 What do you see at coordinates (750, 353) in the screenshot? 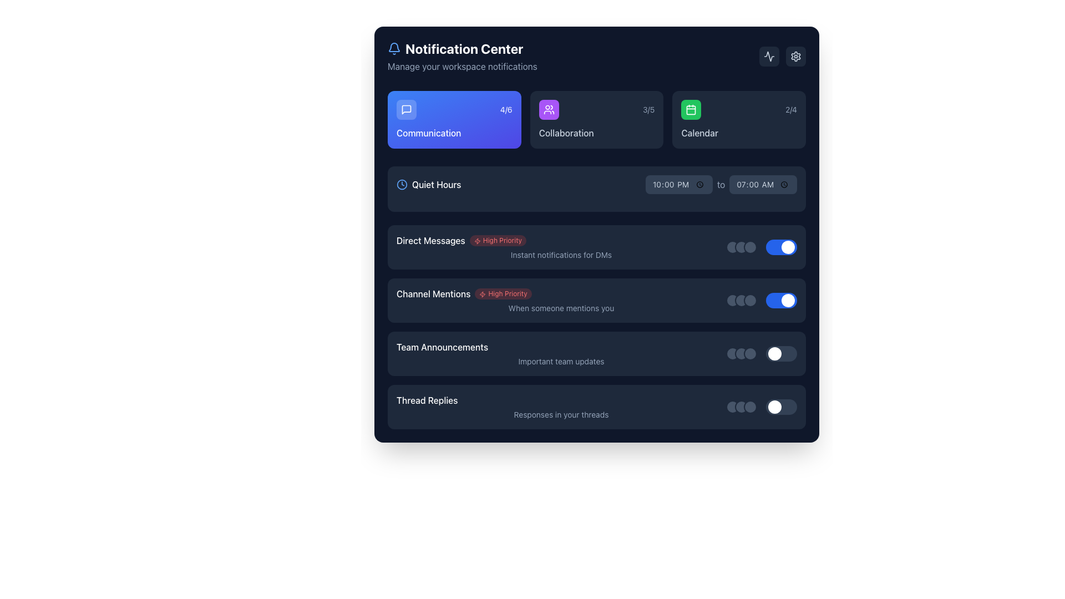
I see `the third circular selector or indicator with a dark gray fill and a lighter gray border, located below the 'Team Announcements' section` at bounding box center [750, 353].